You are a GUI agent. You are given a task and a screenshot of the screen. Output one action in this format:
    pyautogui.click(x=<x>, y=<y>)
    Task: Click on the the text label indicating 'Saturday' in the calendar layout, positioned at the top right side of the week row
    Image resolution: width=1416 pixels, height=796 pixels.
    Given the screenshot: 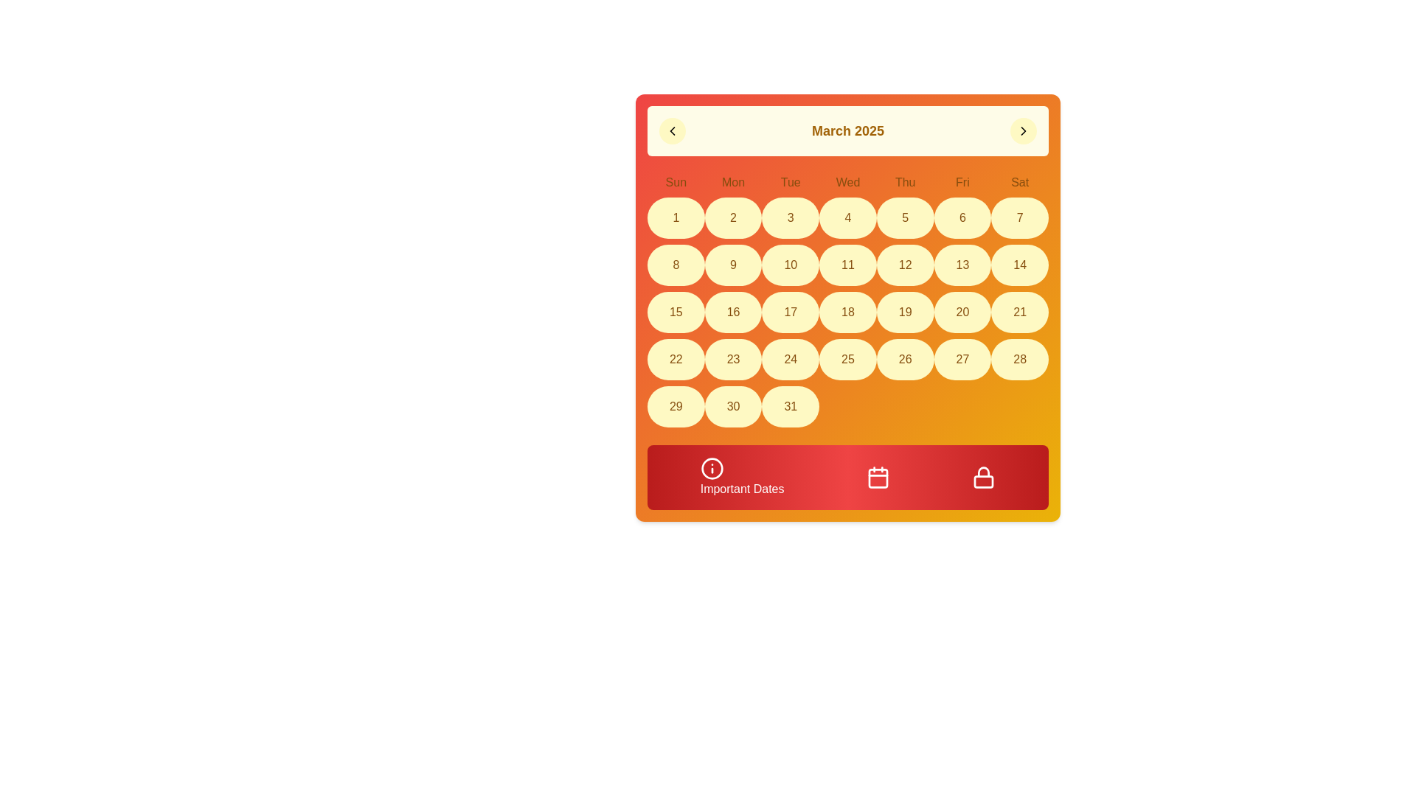 What is the action you would take?
    pyautogui.click(x=1019, y=181)
    